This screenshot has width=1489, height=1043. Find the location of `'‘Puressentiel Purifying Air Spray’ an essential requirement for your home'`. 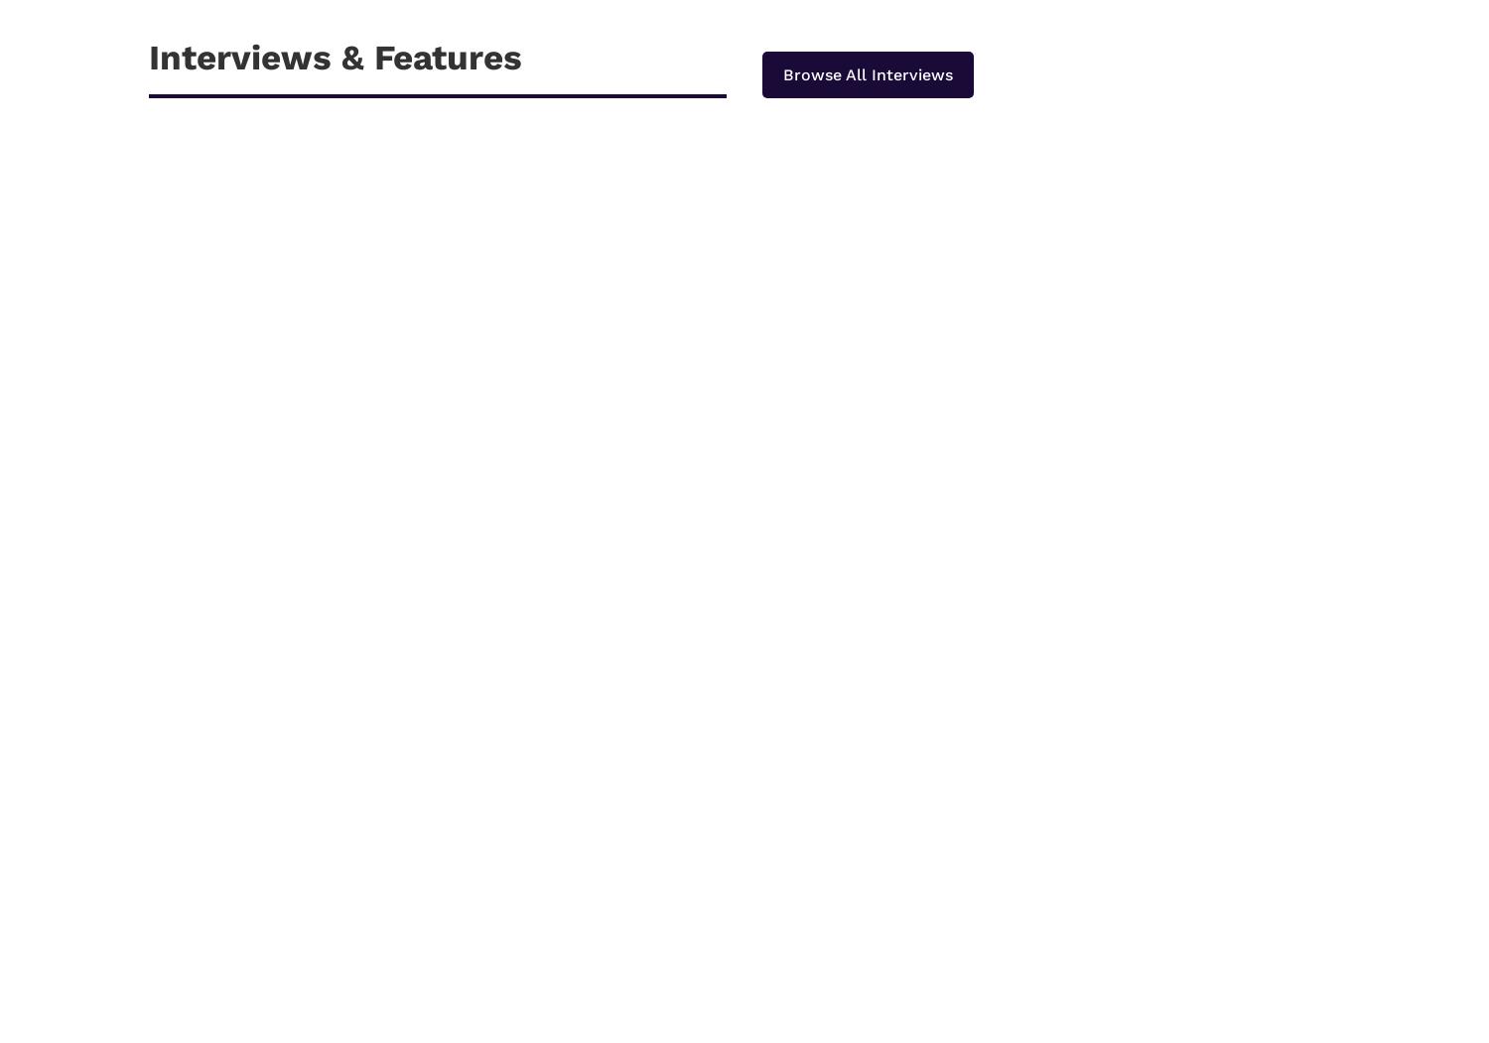

'‘Puressentiel Purifying Air Spray’ an essential requirement for your home' is located at coordinates (488, 866).